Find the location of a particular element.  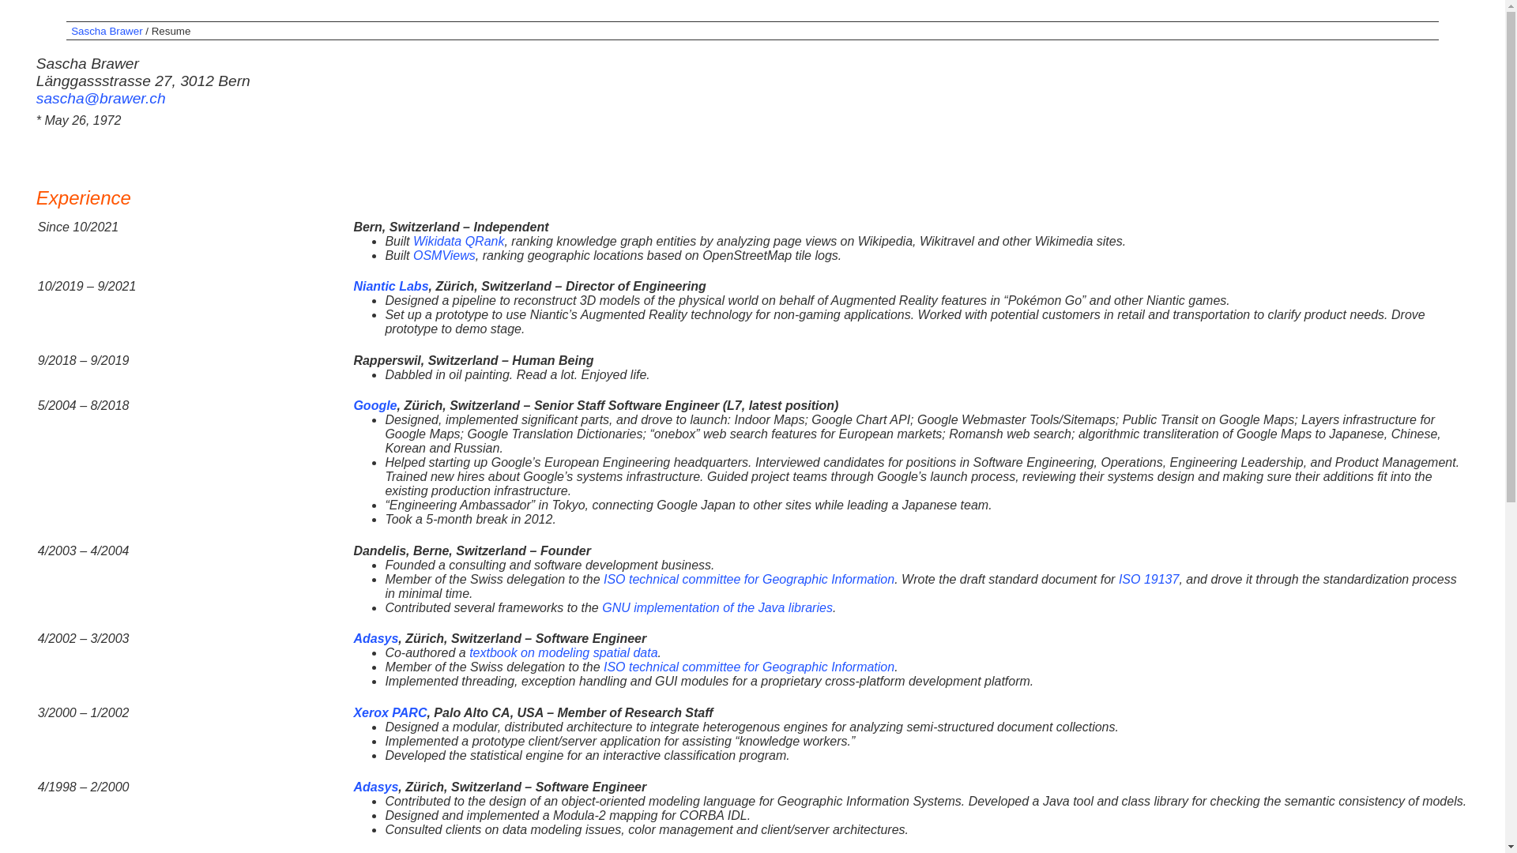

'Niantic Labs' is located at coordinates (352, 286).